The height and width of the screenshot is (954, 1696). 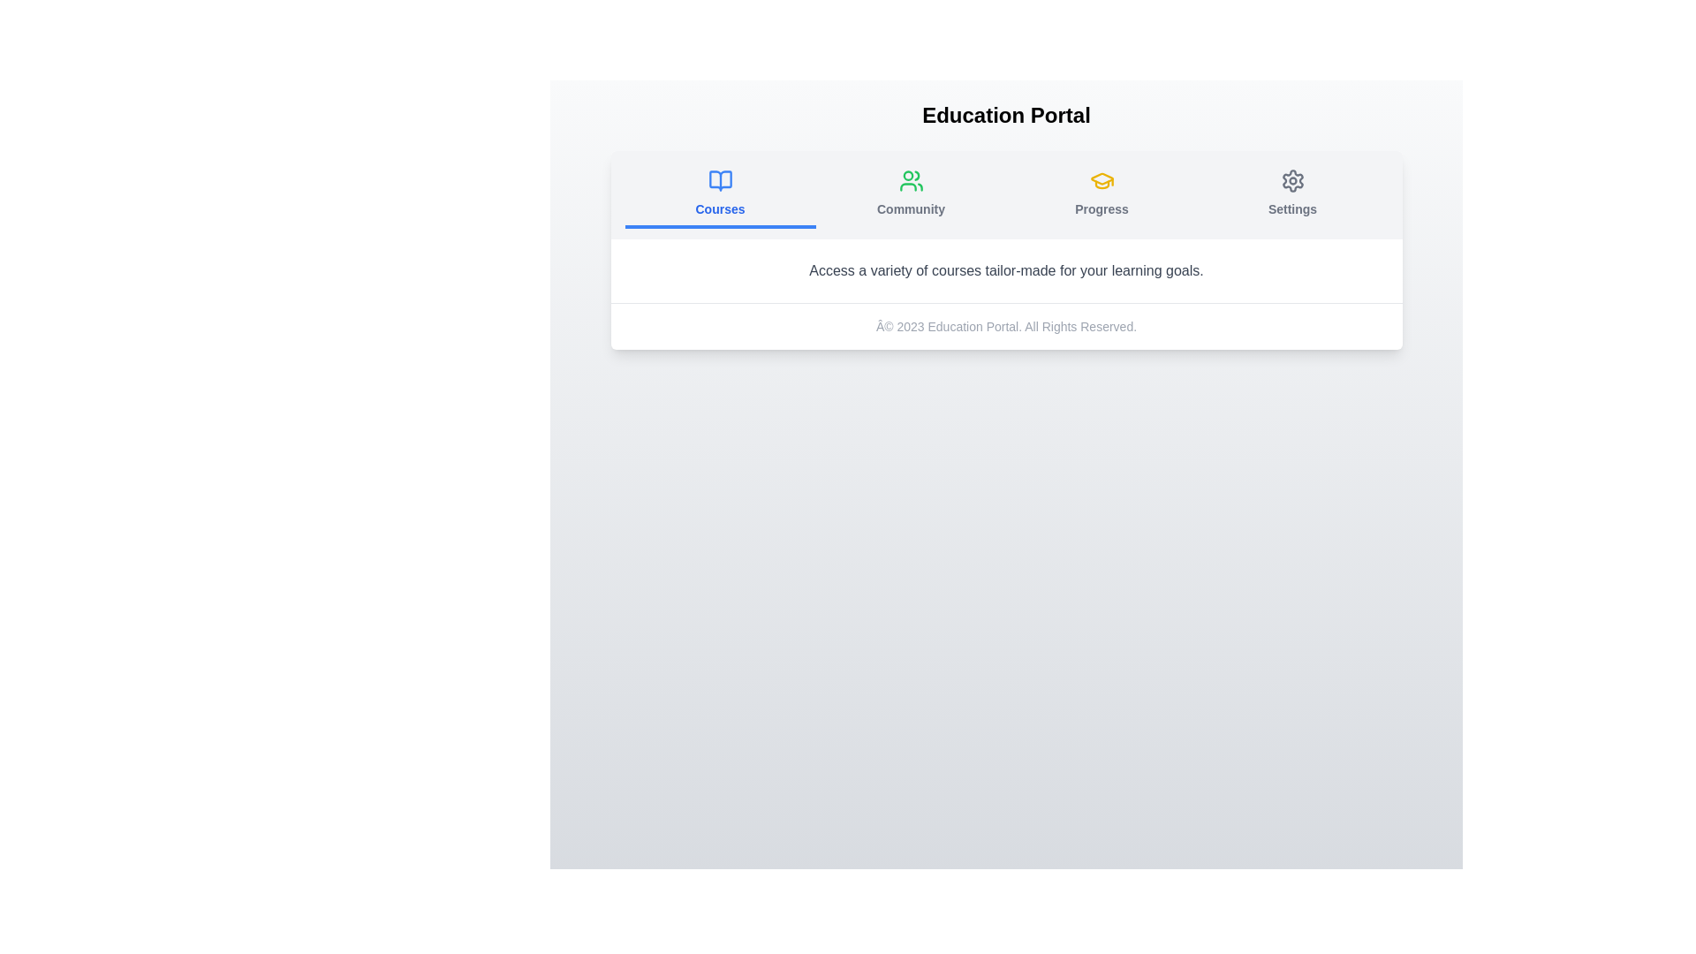 What do you see at coordinates (1006, 271) in the screenshot?
I see `text that says 'Access a variety of courses tailor-made for your learning goals.' which is center-aligned and located between navigation buttons and the footer` at bounding box center [1006, 271].